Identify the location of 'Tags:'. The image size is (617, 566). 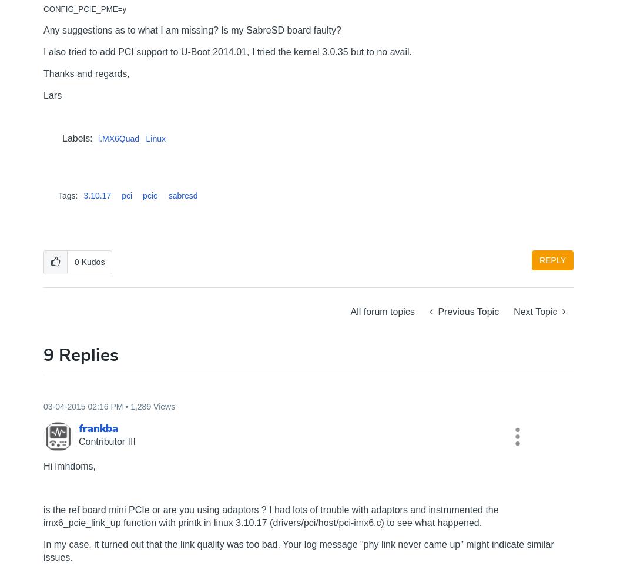
(67, 196).